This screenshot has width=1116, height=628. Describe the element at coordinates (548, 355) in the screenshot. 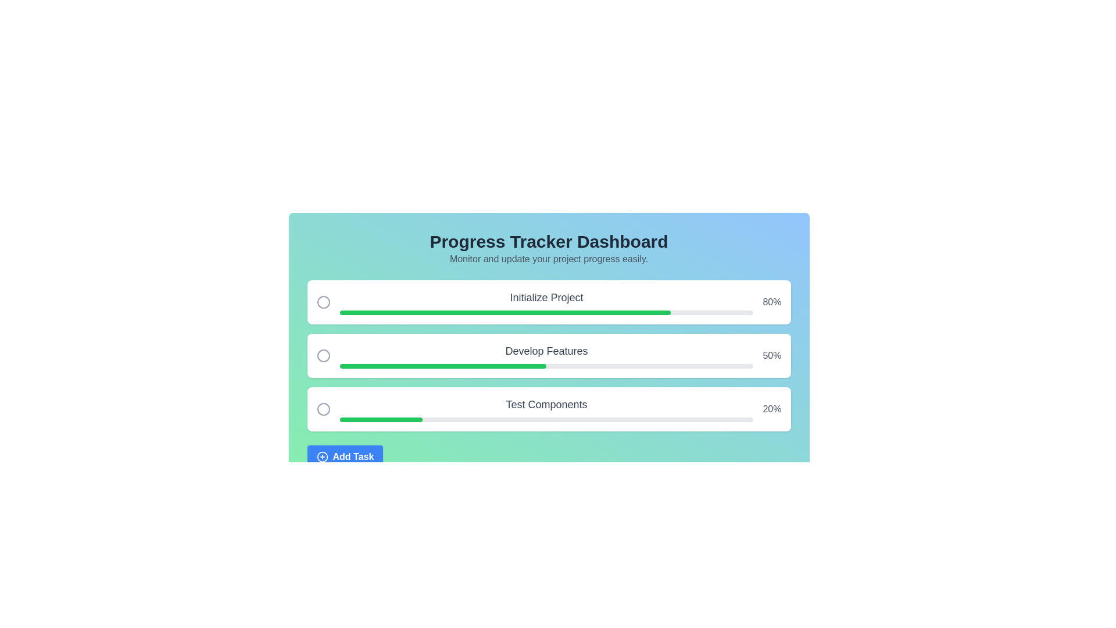

I see `the Progress Tracker component, which consists of three horizontal progress bars with labels indicating task progress percentages, located centrally below the 'Progress Tracker Dashboard' heading` at that location.